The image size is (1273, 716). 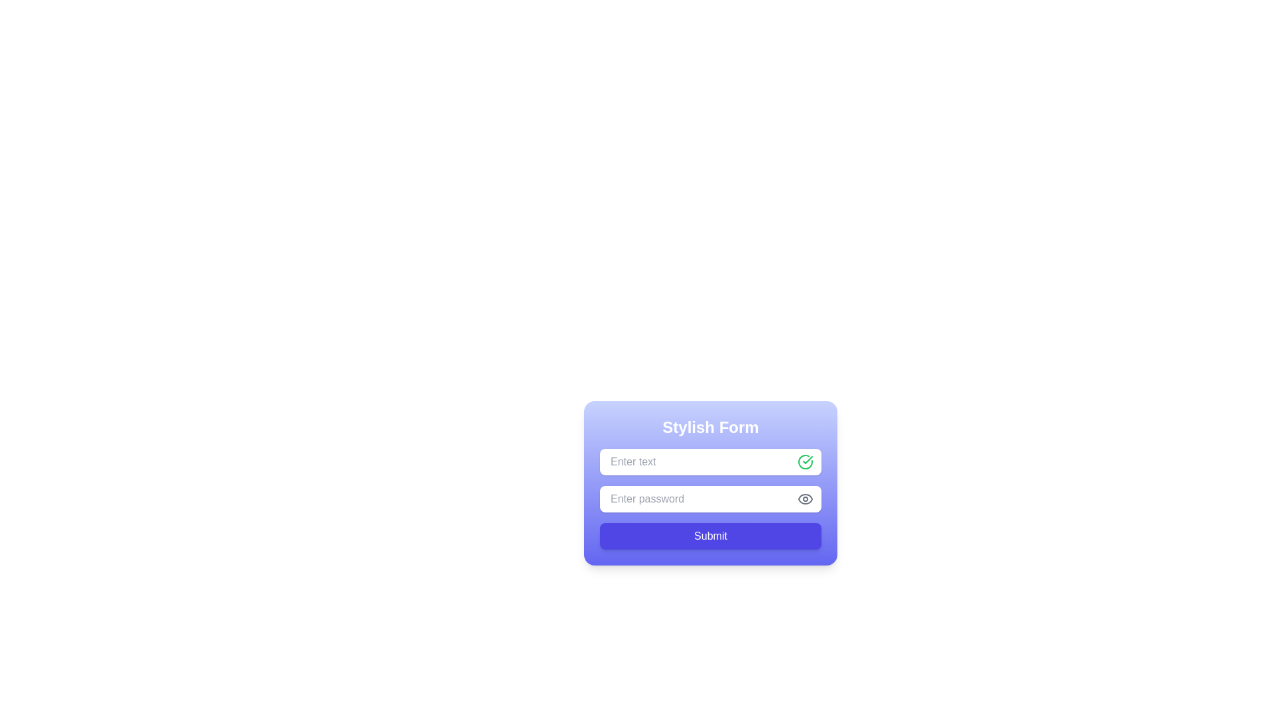 What do you see at coordinates (709, 427) in the screenshot?
I see `the Text label or heading at the top center of the form, which serves as the title conveying its purpose to users` at bounding box center [709, 427].